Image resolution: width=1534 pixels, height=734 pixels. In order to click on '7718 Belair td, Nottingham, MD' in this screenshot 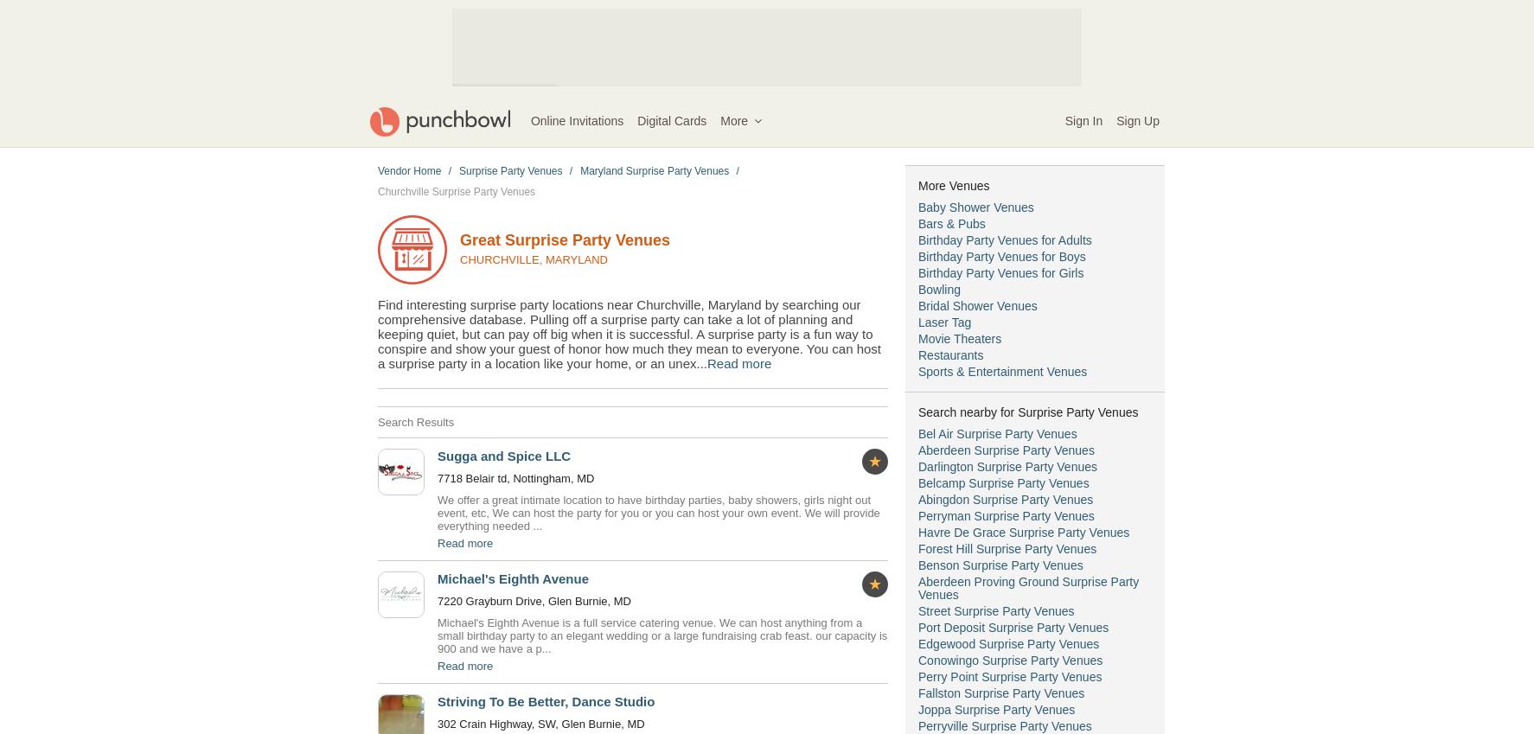, I will do `click(515, 478)`.